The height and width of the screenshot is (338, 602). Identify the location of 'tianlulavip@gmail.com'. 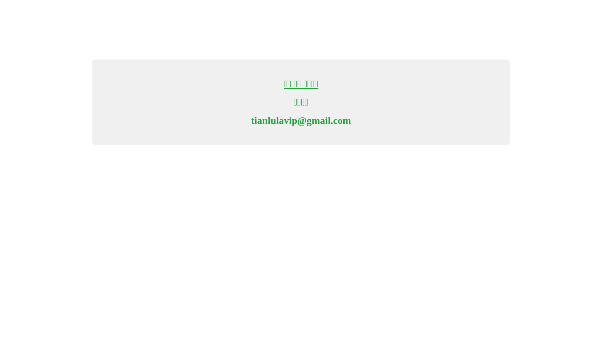
(301, 120).